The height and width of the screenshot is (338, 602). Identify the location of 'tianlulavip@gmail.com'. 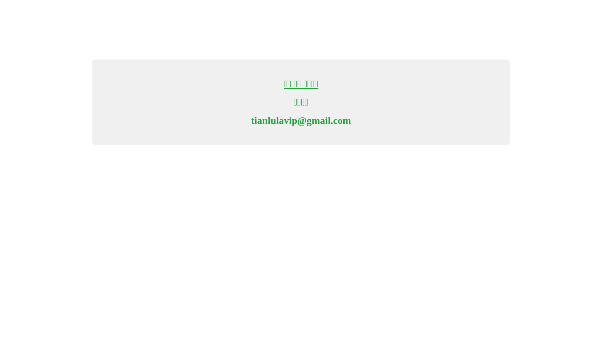
(301, 120).